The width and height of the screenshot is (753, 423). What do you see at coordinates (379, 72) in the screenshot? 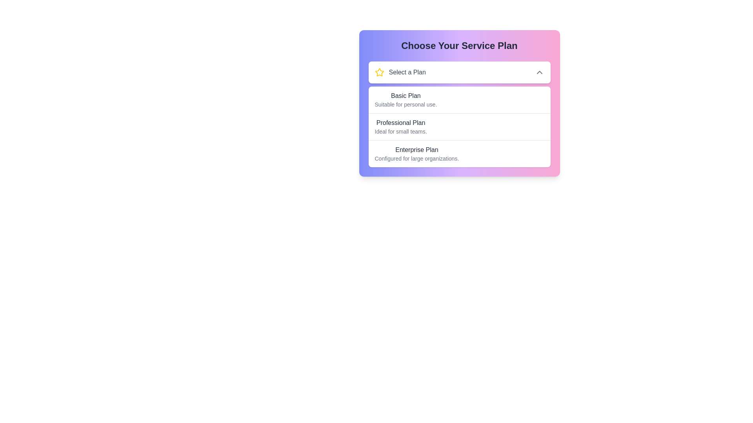
I see `the yellow star icon located to the left of the 'Select a Plan' text in the 'Choose Your Service Plan' modal to mark it as a favorite` at bounding box center [379, 72].